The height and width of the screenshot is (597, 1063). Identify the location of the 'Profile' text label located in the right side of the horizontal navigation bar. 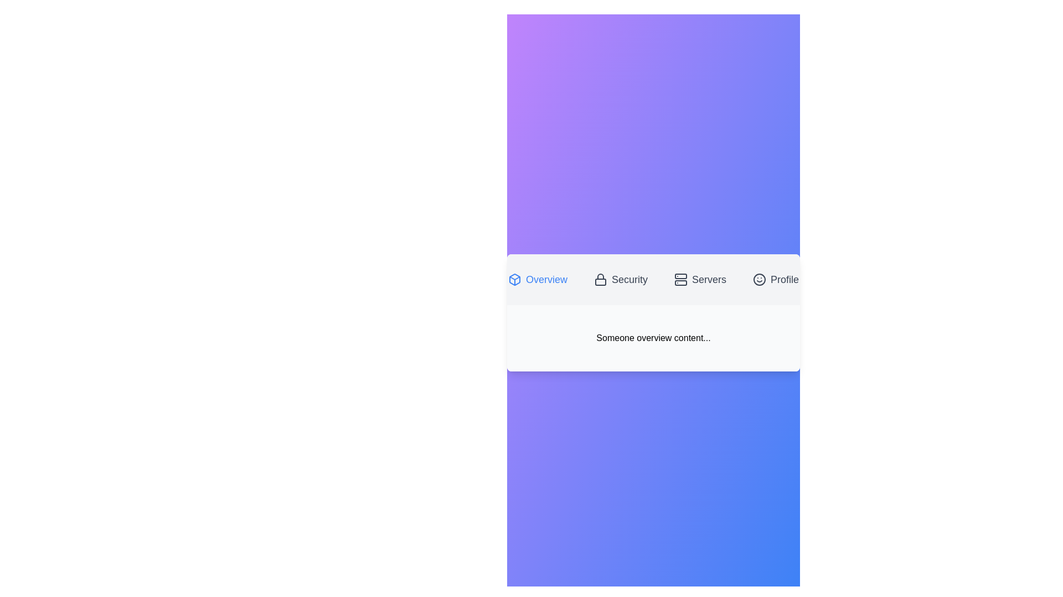
(784, 279).